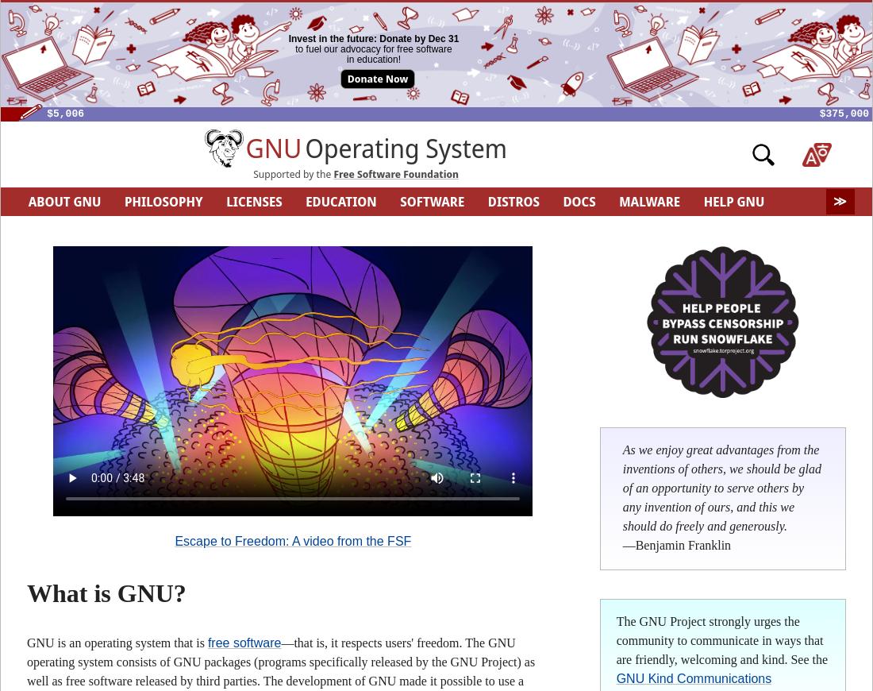 This screenshot has width=873, height=691. What do you see at coordinates (395, 173) in the screenshot?
I see `'Free Software Foundation'` at bounding box center [395, 173].